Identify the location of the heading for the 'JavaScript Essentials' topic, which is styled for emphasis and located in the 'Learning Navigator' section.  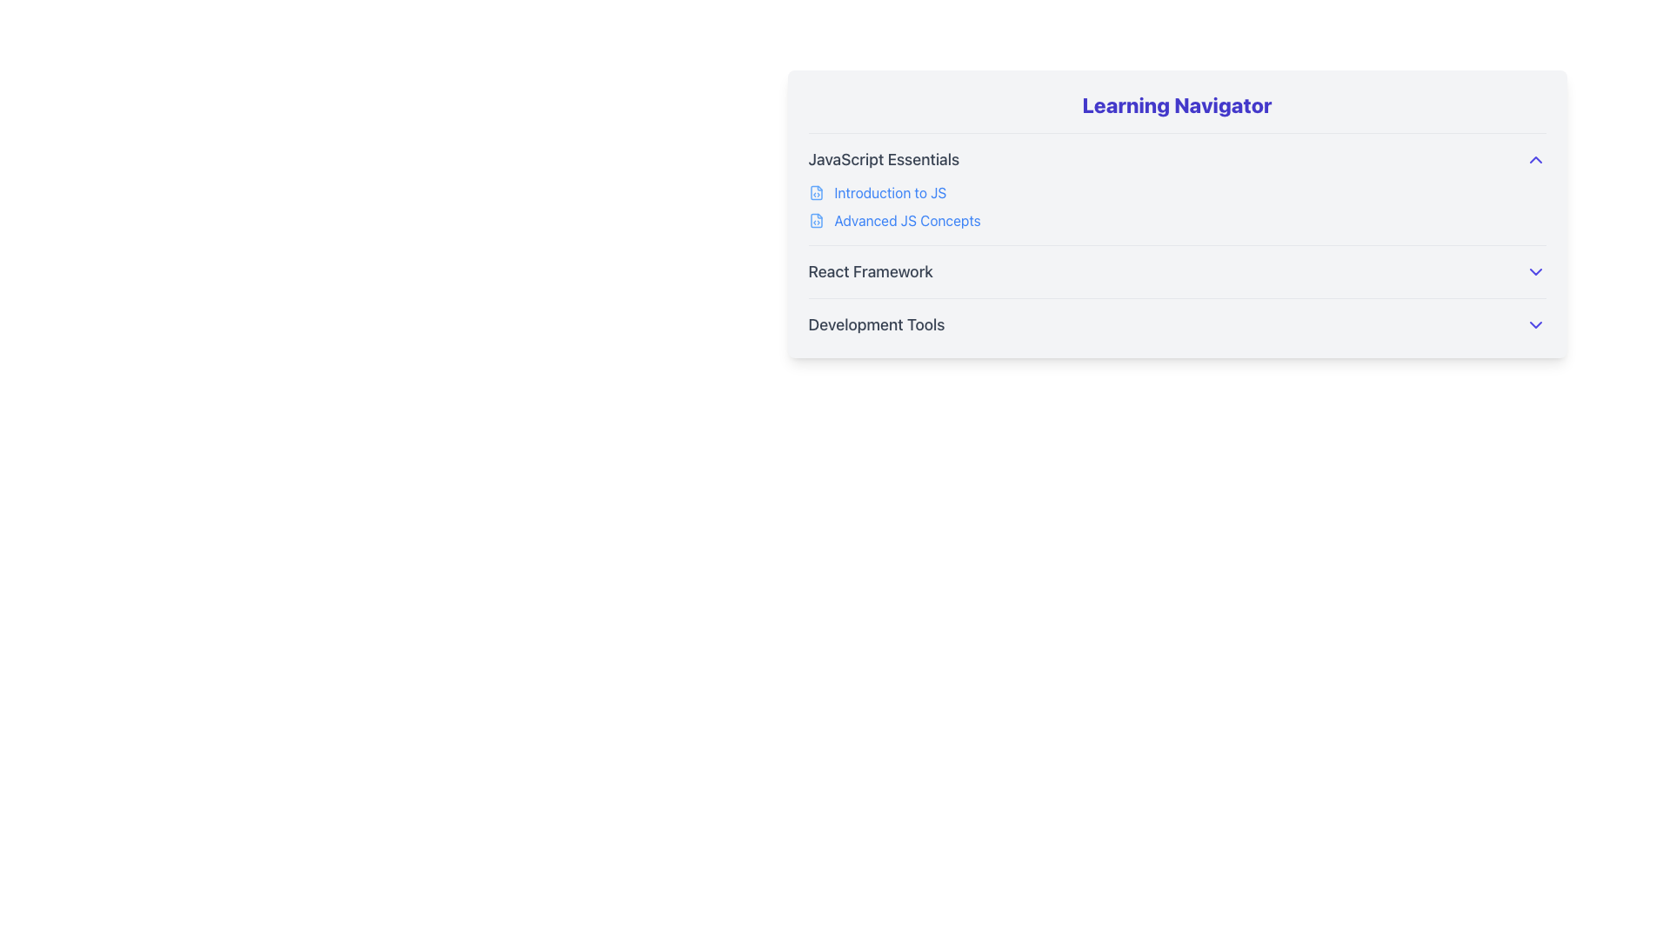
(884, 160).